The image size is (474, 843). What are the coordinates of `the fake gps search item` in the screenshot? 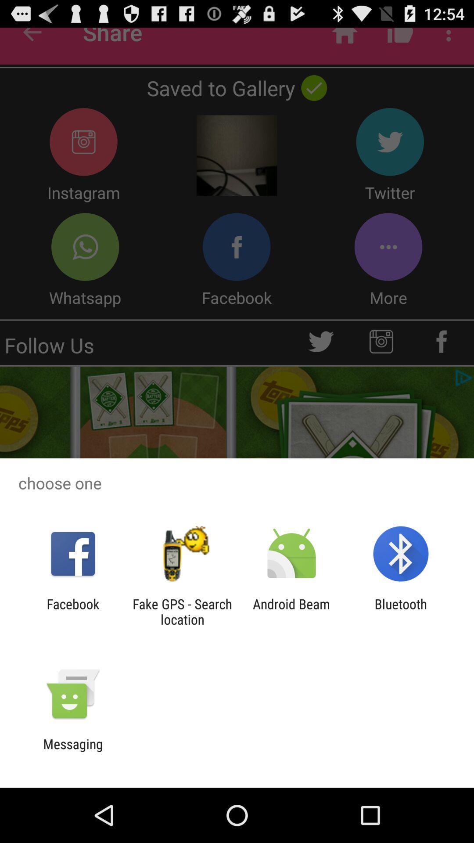 It's located at (182, 611).